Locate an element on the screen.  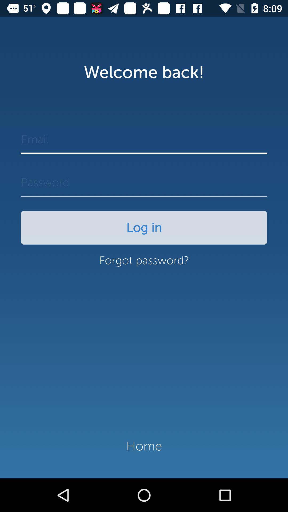
the item below the forgot password? icon is located at coordinates (144, 446).